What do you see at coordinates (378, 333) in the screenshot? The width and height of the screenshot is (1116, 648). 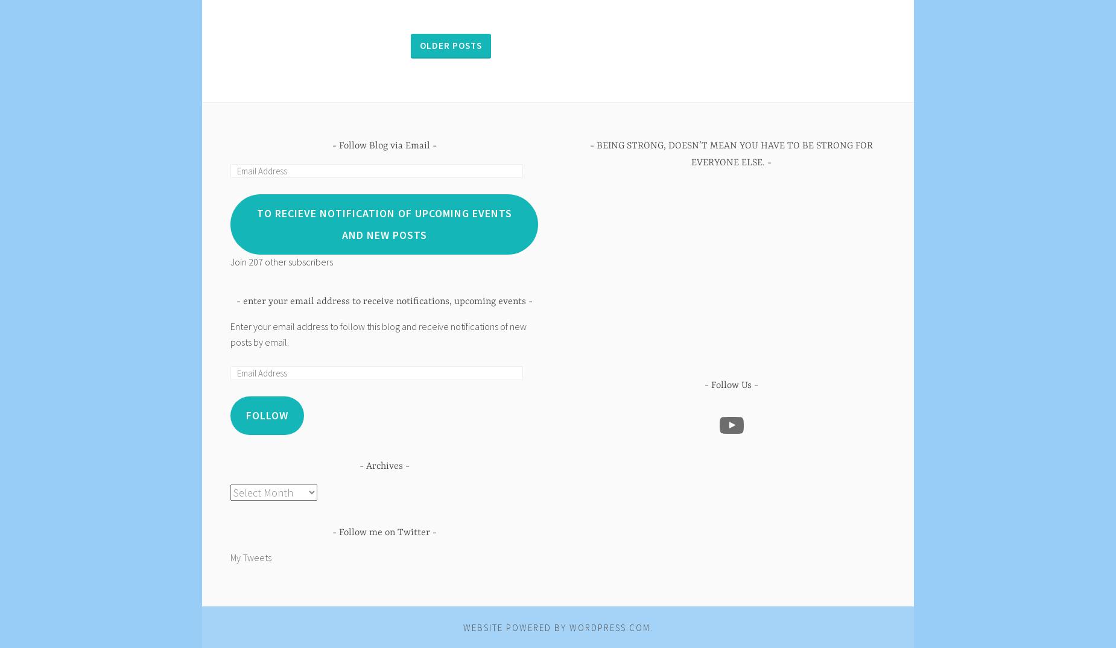 I see `'Enter your email address to follow this blog and receive notifications of new posts by email.'` at bounding box center [378, 333].